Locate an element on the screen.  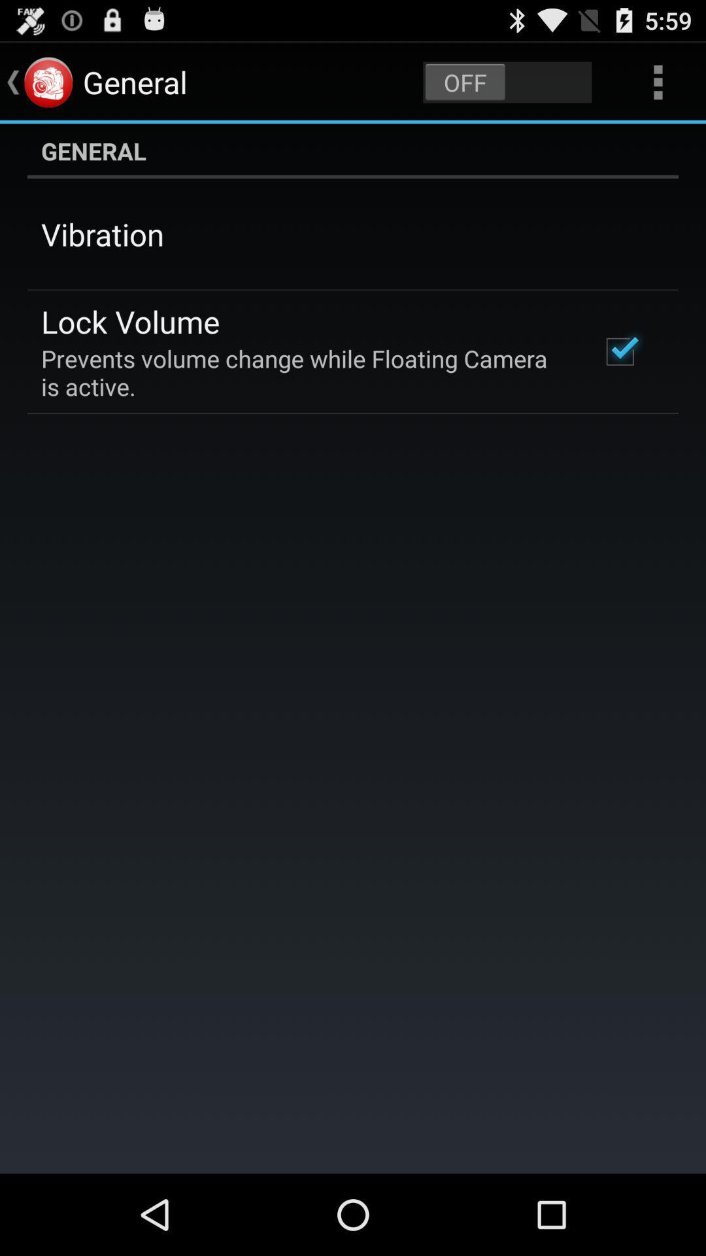
item above the general is located at coordinates (658, 81).